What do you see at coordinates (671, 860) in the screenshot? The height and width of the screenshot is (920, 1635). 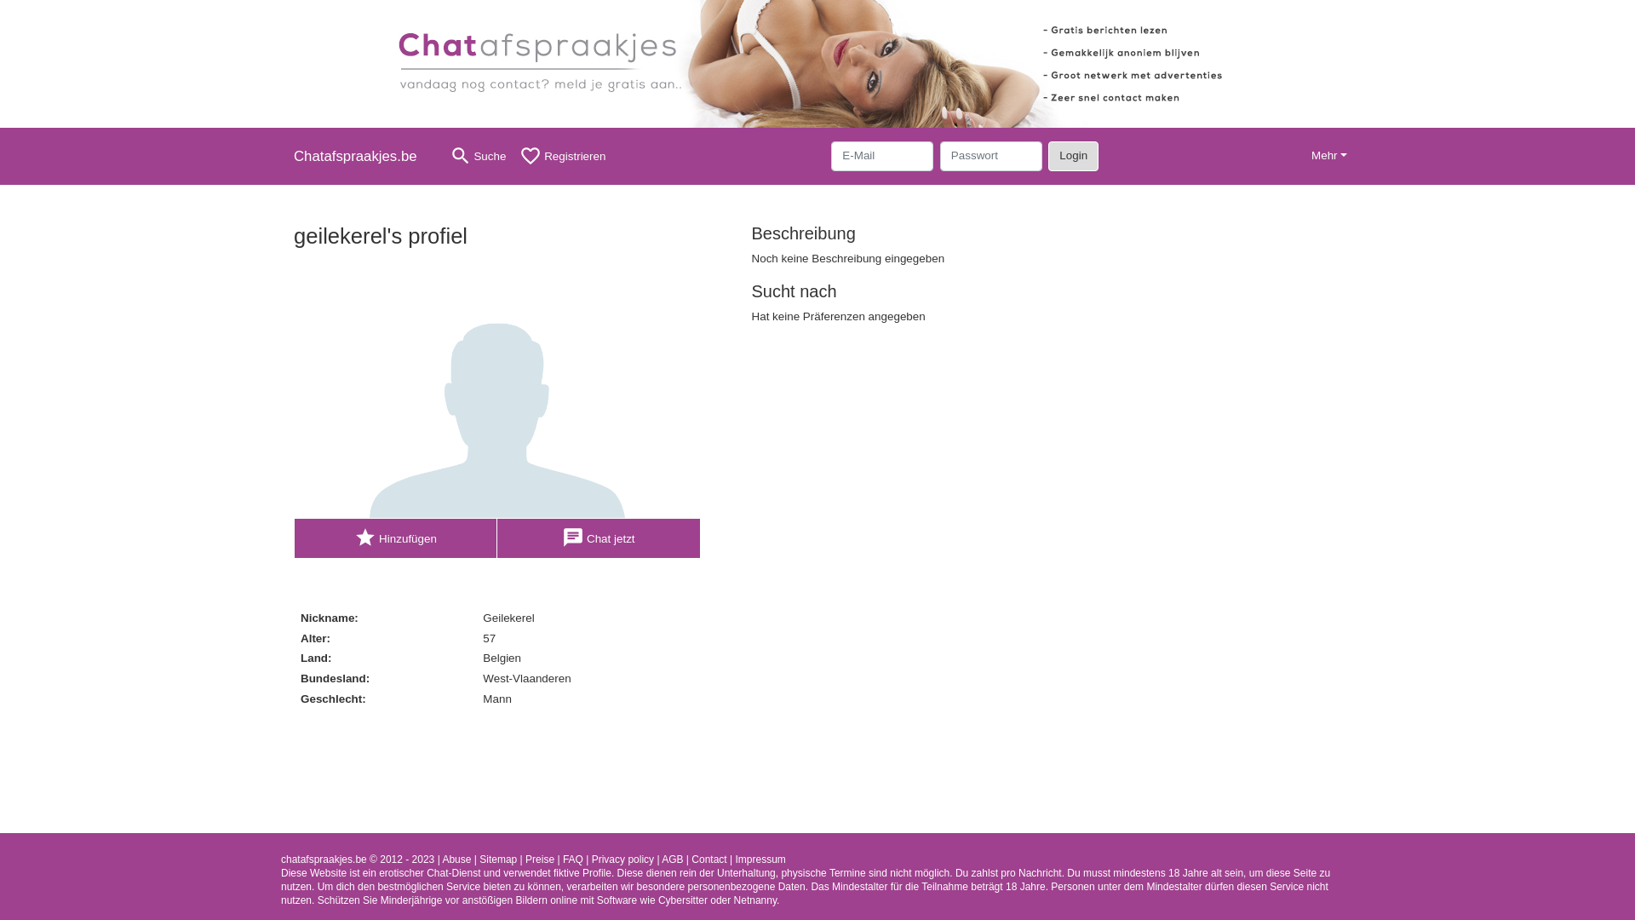 I see `'AGB'` at bounding box center [671, 860].